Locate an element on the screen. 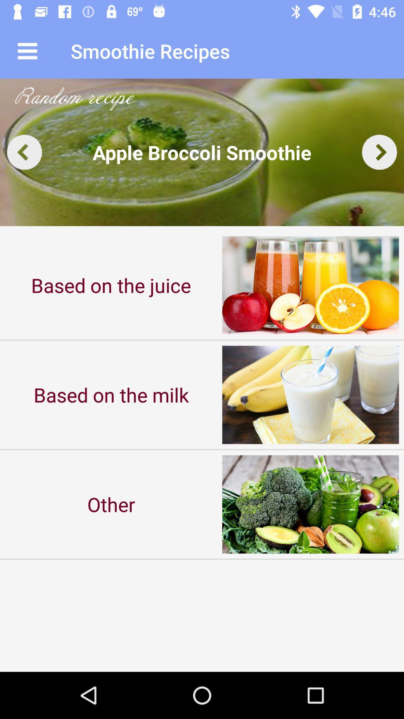 This screenshot has height=719, width=404. see the images is located at coordinates (202, 152).